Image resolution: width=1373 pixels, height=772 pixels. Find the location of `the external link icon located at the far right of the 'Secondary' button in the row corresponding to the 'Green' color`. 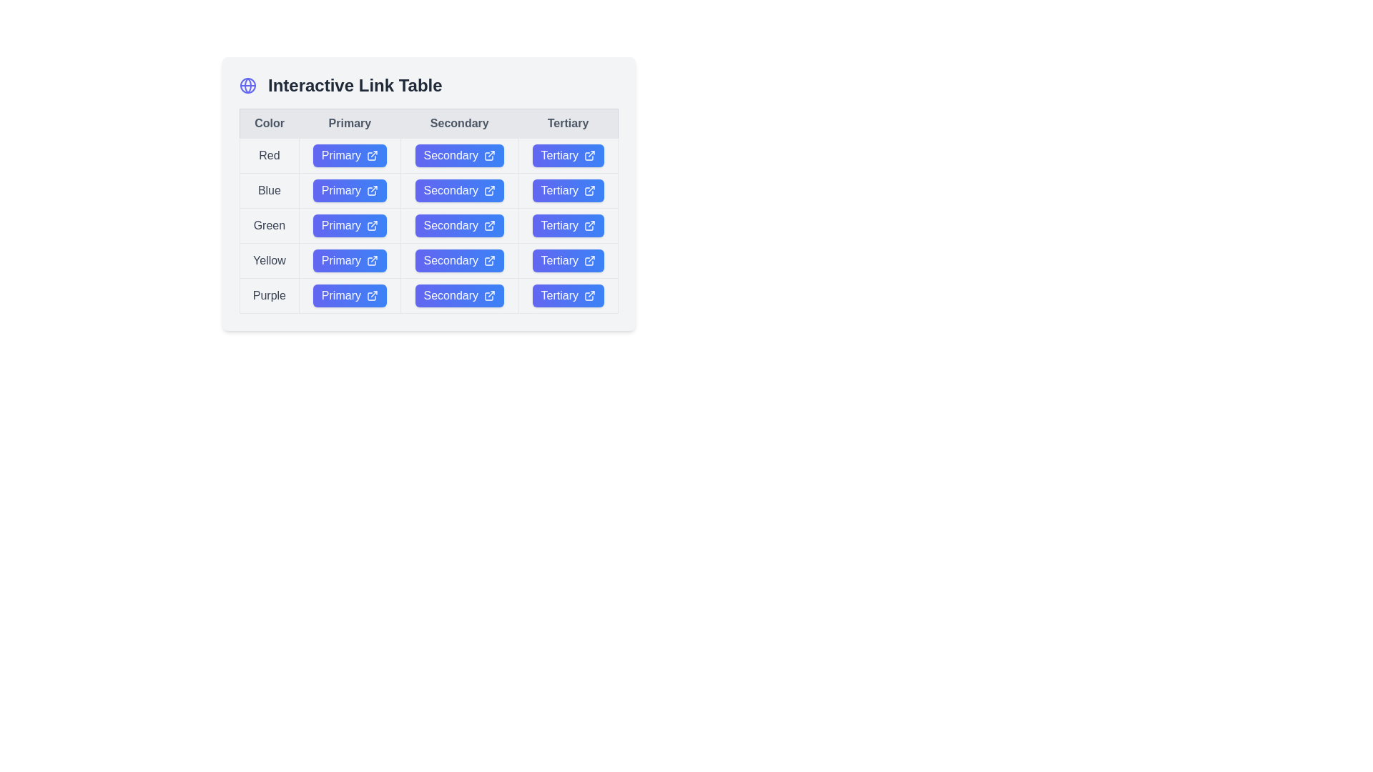

the external link icon located at the far right of the 'Secondary' button in the row corresponding to the 'Green' color is located at coordinates (490, 225).